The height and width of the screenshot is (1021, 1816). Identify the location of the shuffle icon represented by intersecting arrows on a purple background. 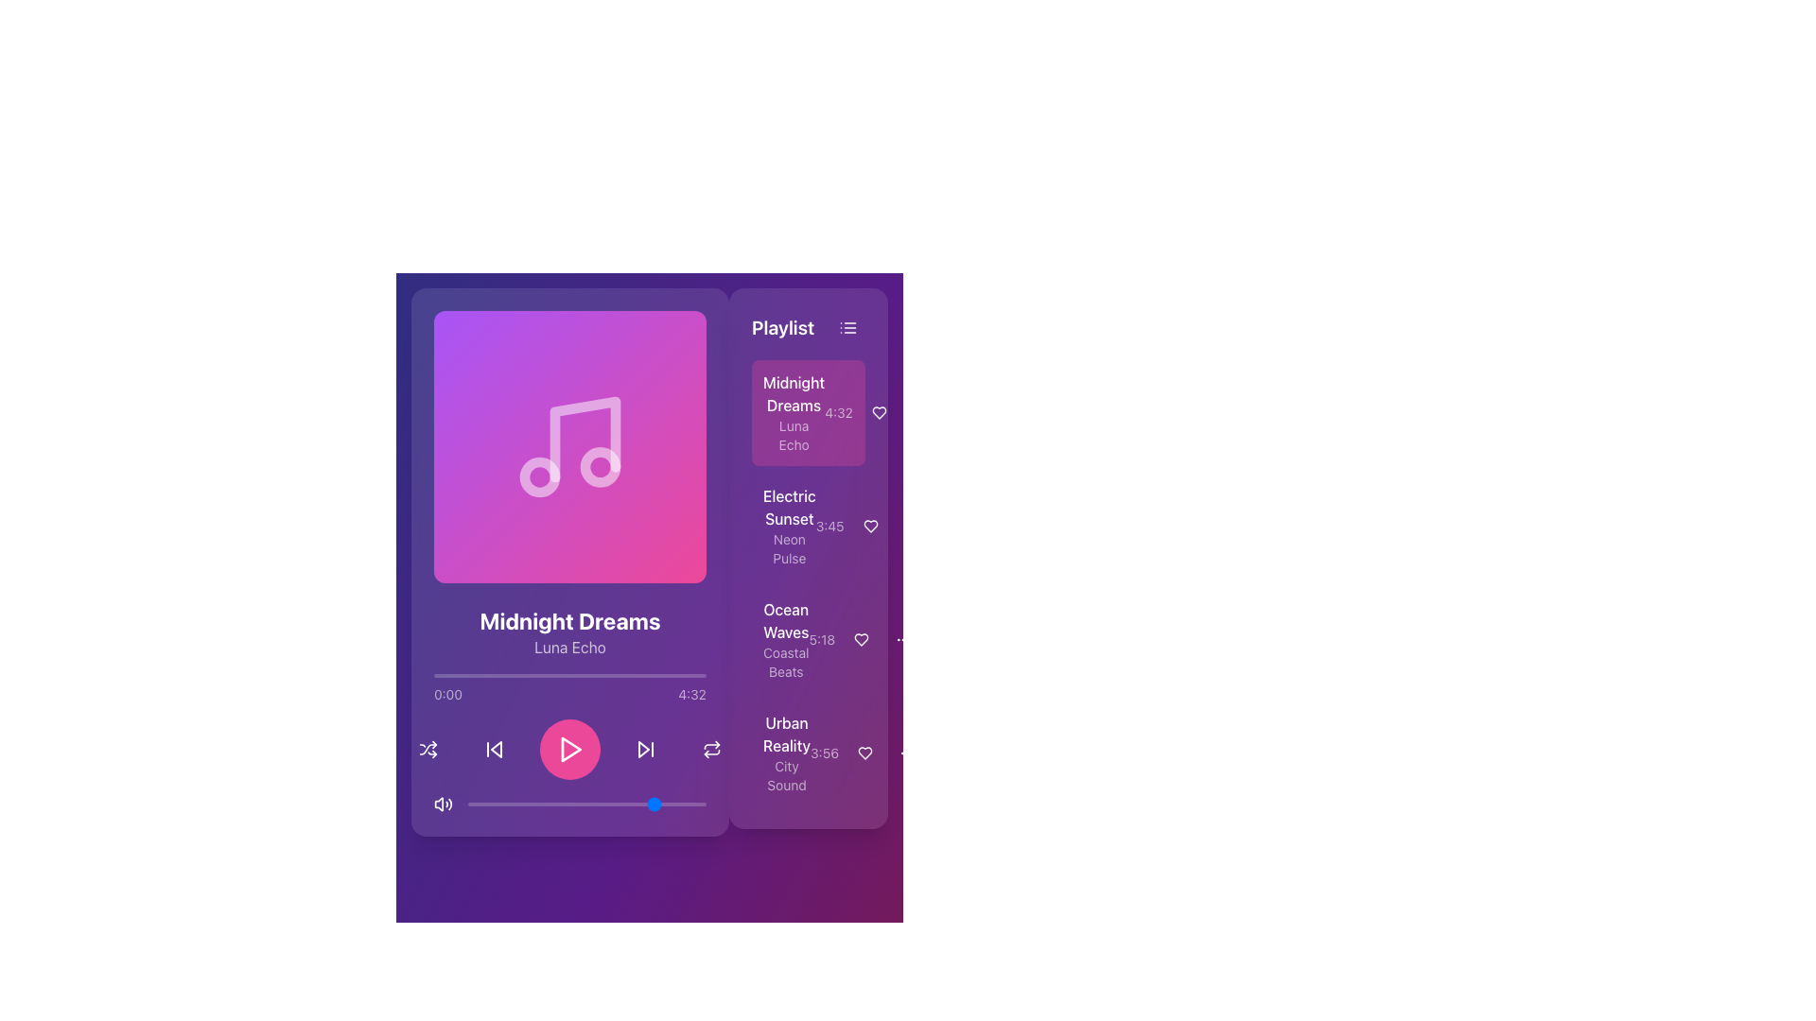
(427, 749).